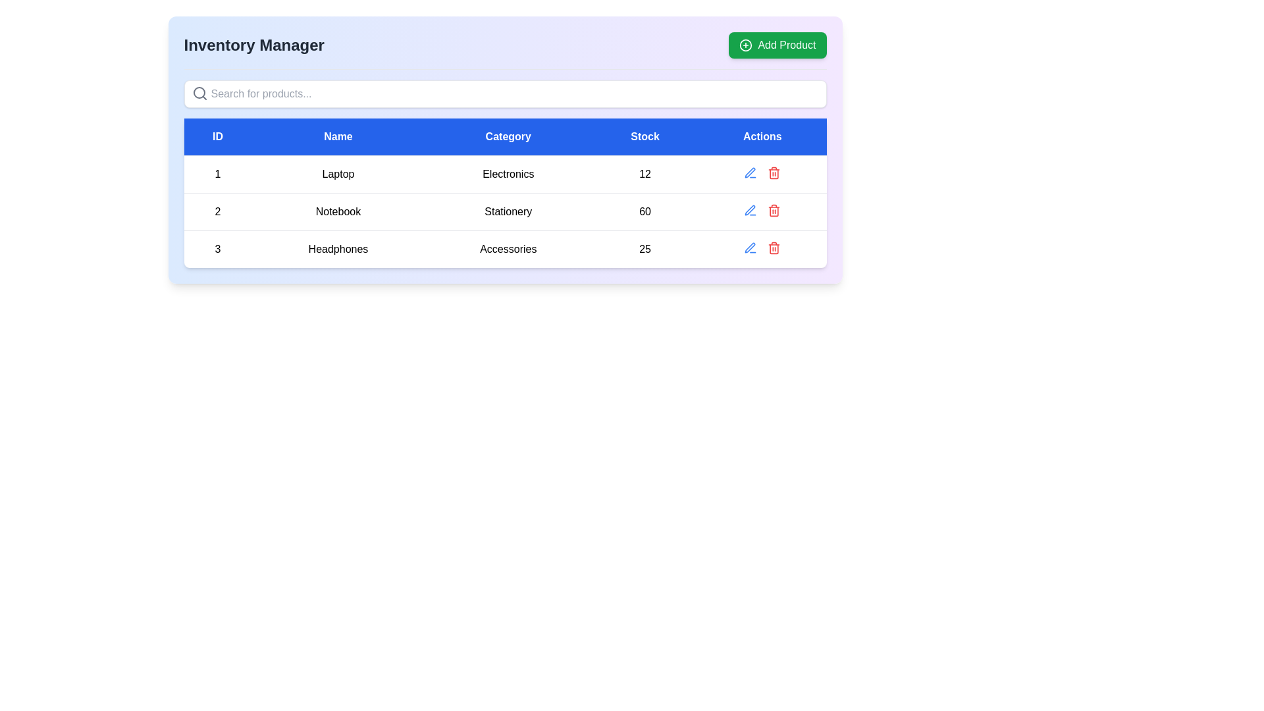 Image resolution: width=1264 pixels, height=711 pixels. I want to click on the pencil (edit) icon button located in the 'Actions' column of the row for 'Headphones' to initiate the edit action, so click(750, 210).